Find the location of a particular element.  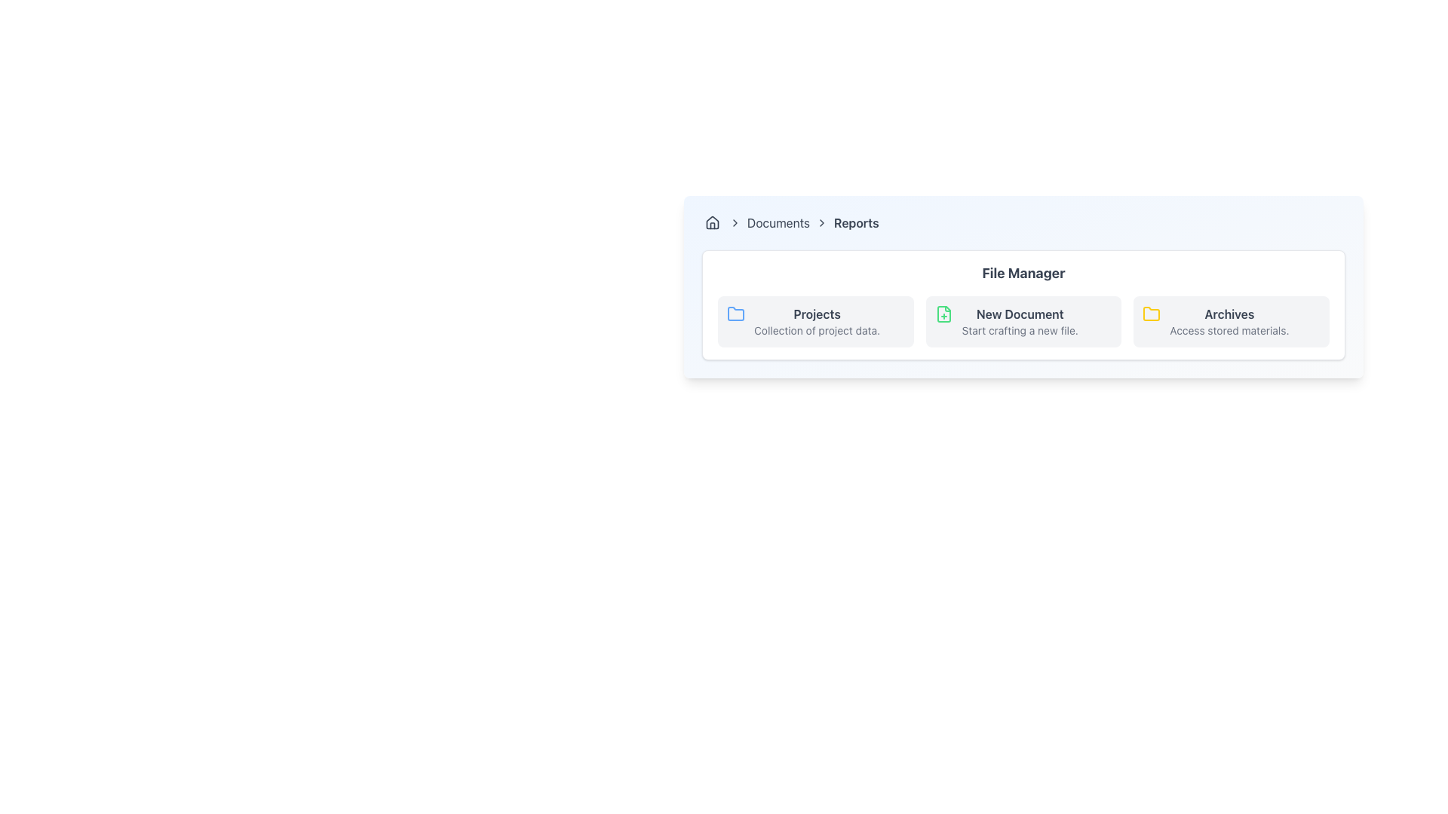

the 'Projects' label, which is bold and gray, located in the 'File Manager' section next to the folder icon and above the description text is located at coordinates (816, 313).